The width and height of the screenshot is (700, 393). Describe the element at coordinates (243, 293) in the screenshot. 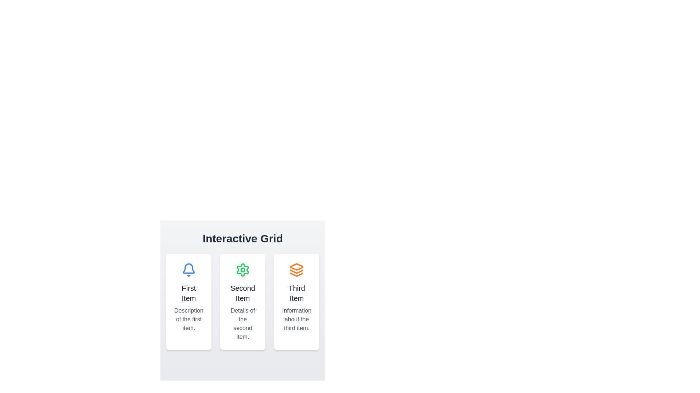

I see `the Text Label that serves as the title for the second interactive item, positioned above the descriptive text 'Details of the second item.'` at that location.